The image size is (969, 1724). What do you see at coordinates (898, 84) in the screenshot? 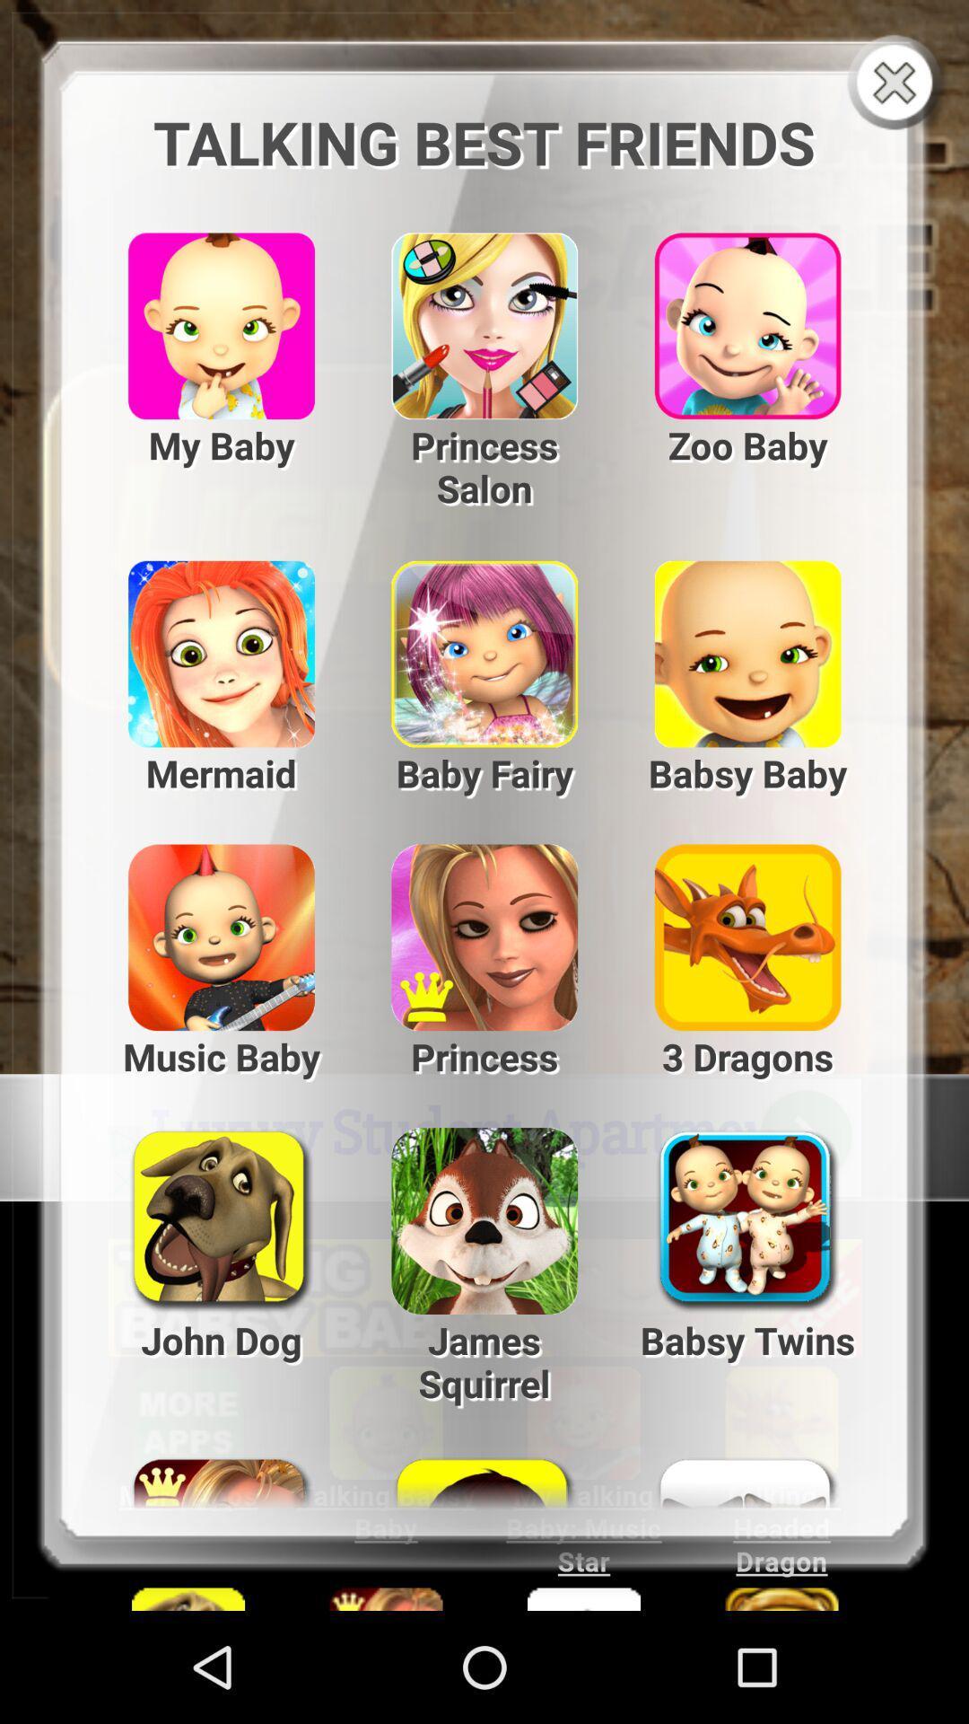
I see `box` at bounding box center [898, 84].